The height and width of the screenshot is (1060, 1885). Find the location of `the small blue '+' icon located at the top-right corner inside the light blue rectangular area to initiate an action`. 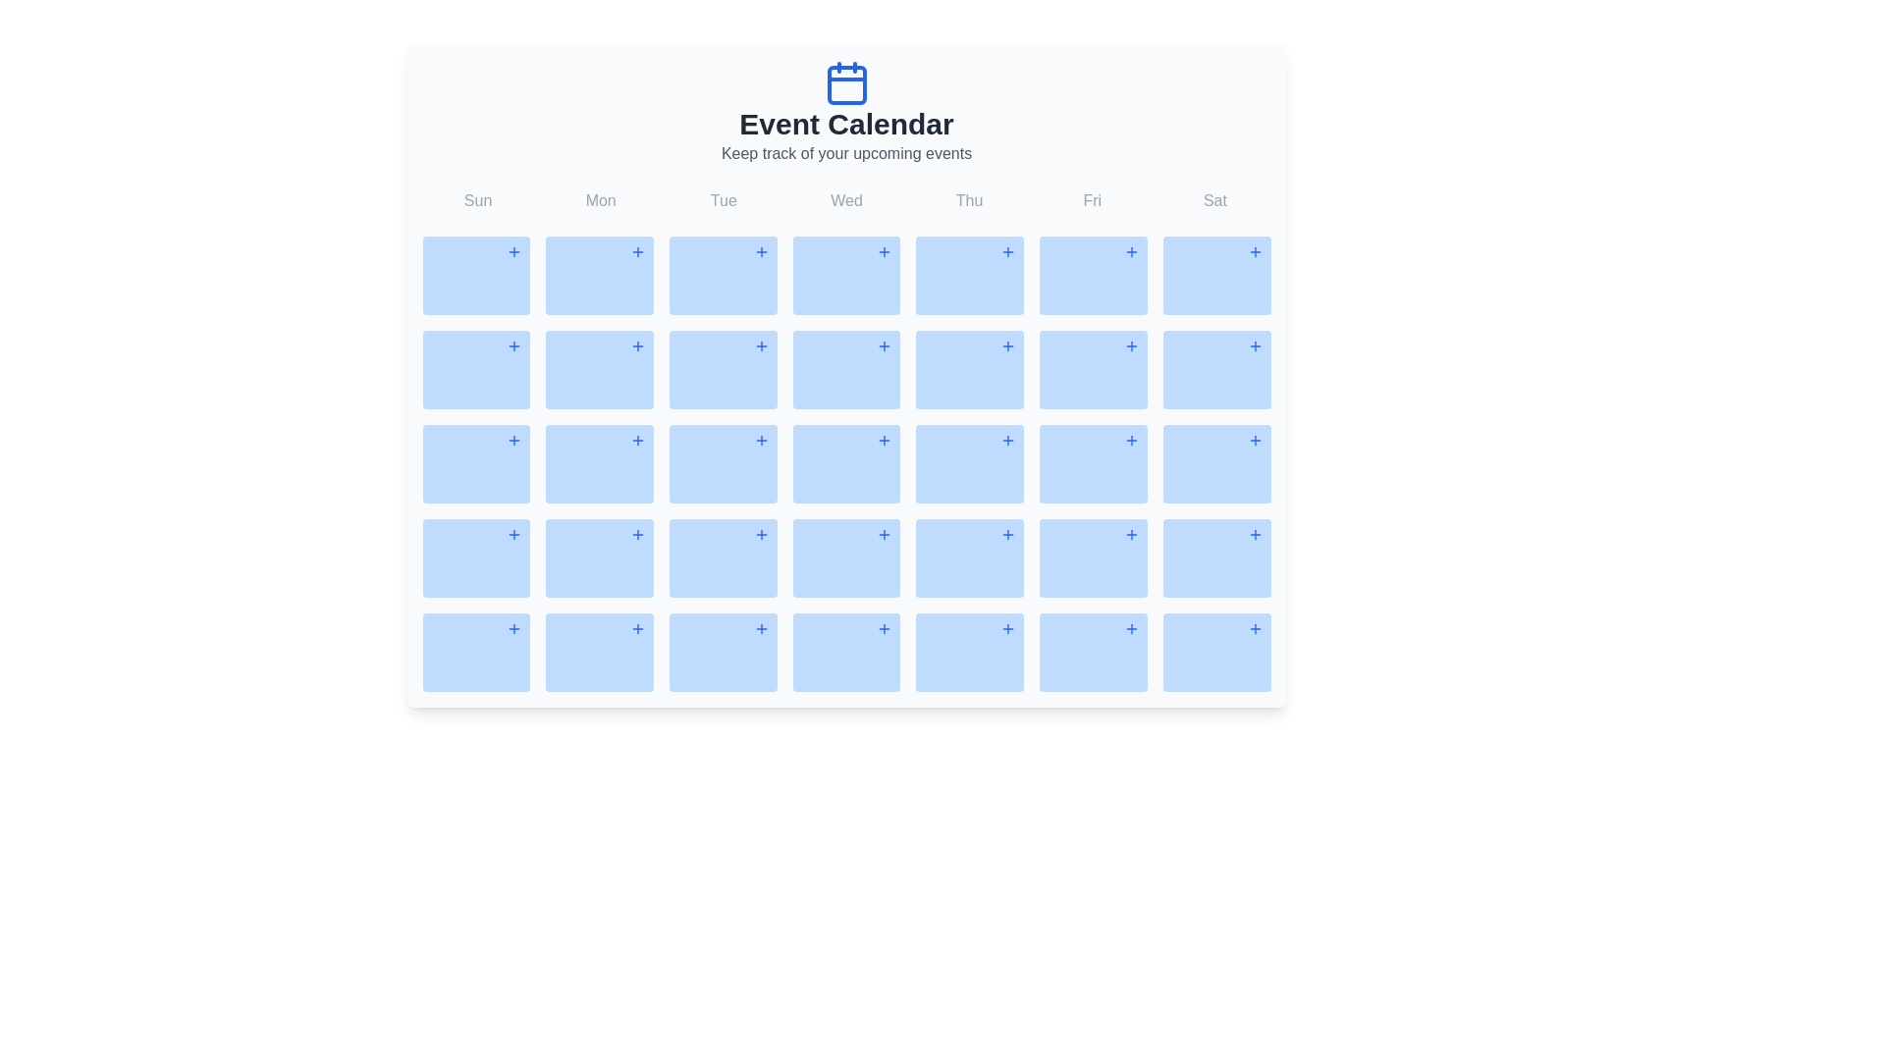

the small blue '+' icon located at the top-right corner inside the light blue rectangular area to initiate an action is located at coordinates (884, 628).